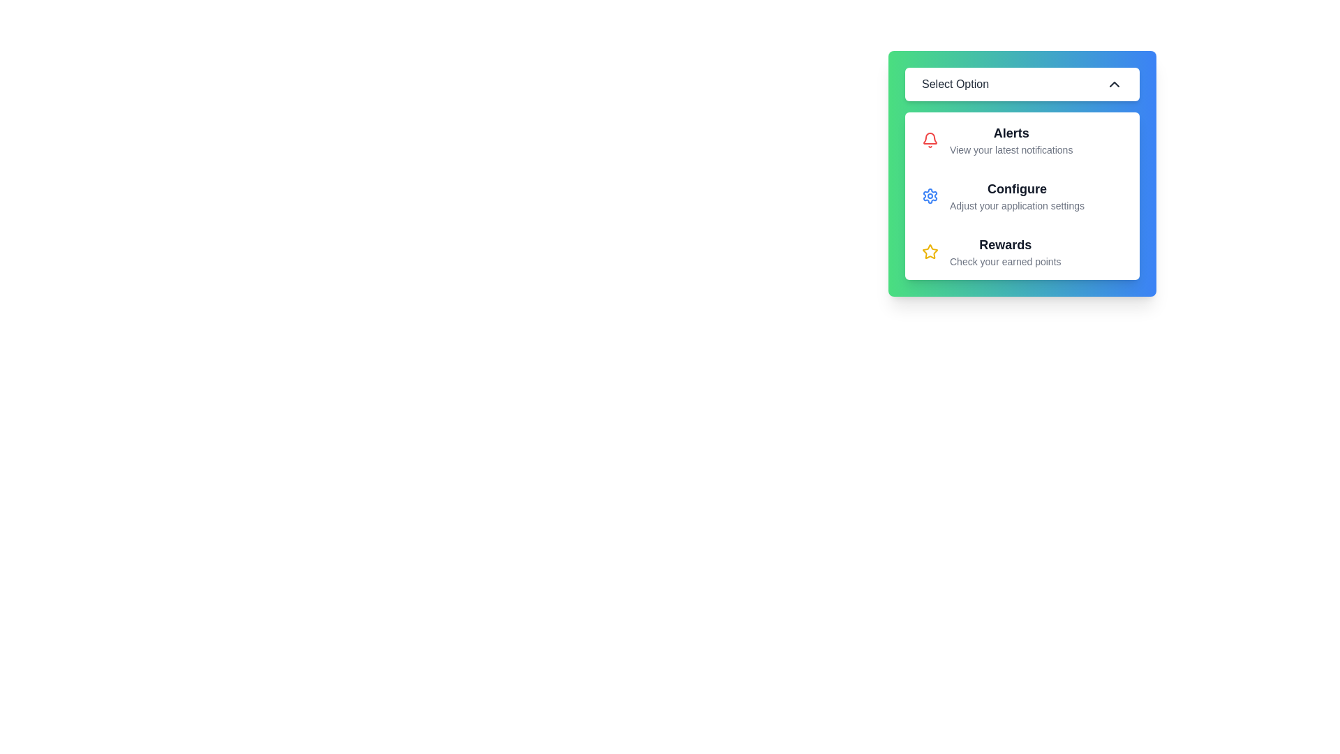 This screenshot has height=754, width=1340. Describe the element at coordinates (1005, 261) in the screenshot. I see `the Text label providing additional context for the 'Rewards' section, which is positioned immediately below the 'Rewards' heading in the vertical menu structure` at that location.